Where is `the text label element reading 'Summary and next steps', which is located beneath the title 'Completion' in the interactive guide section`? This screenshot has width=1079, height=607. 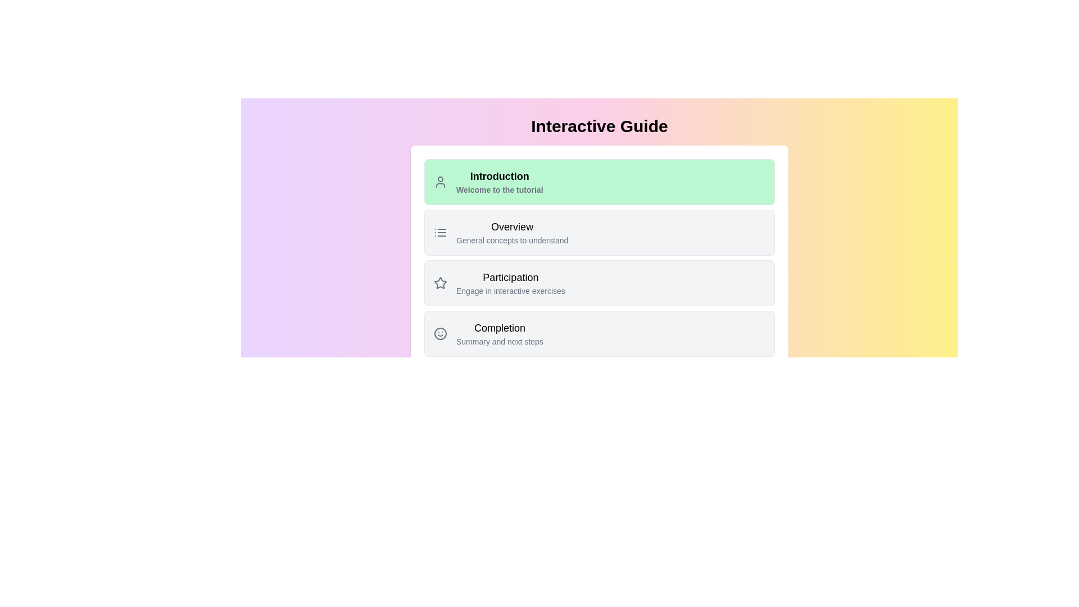
the text label element reading 'Summary and next steps', which is located beneath the title 'Completion' in the interactive guide section is located at coordinates (499, 341).